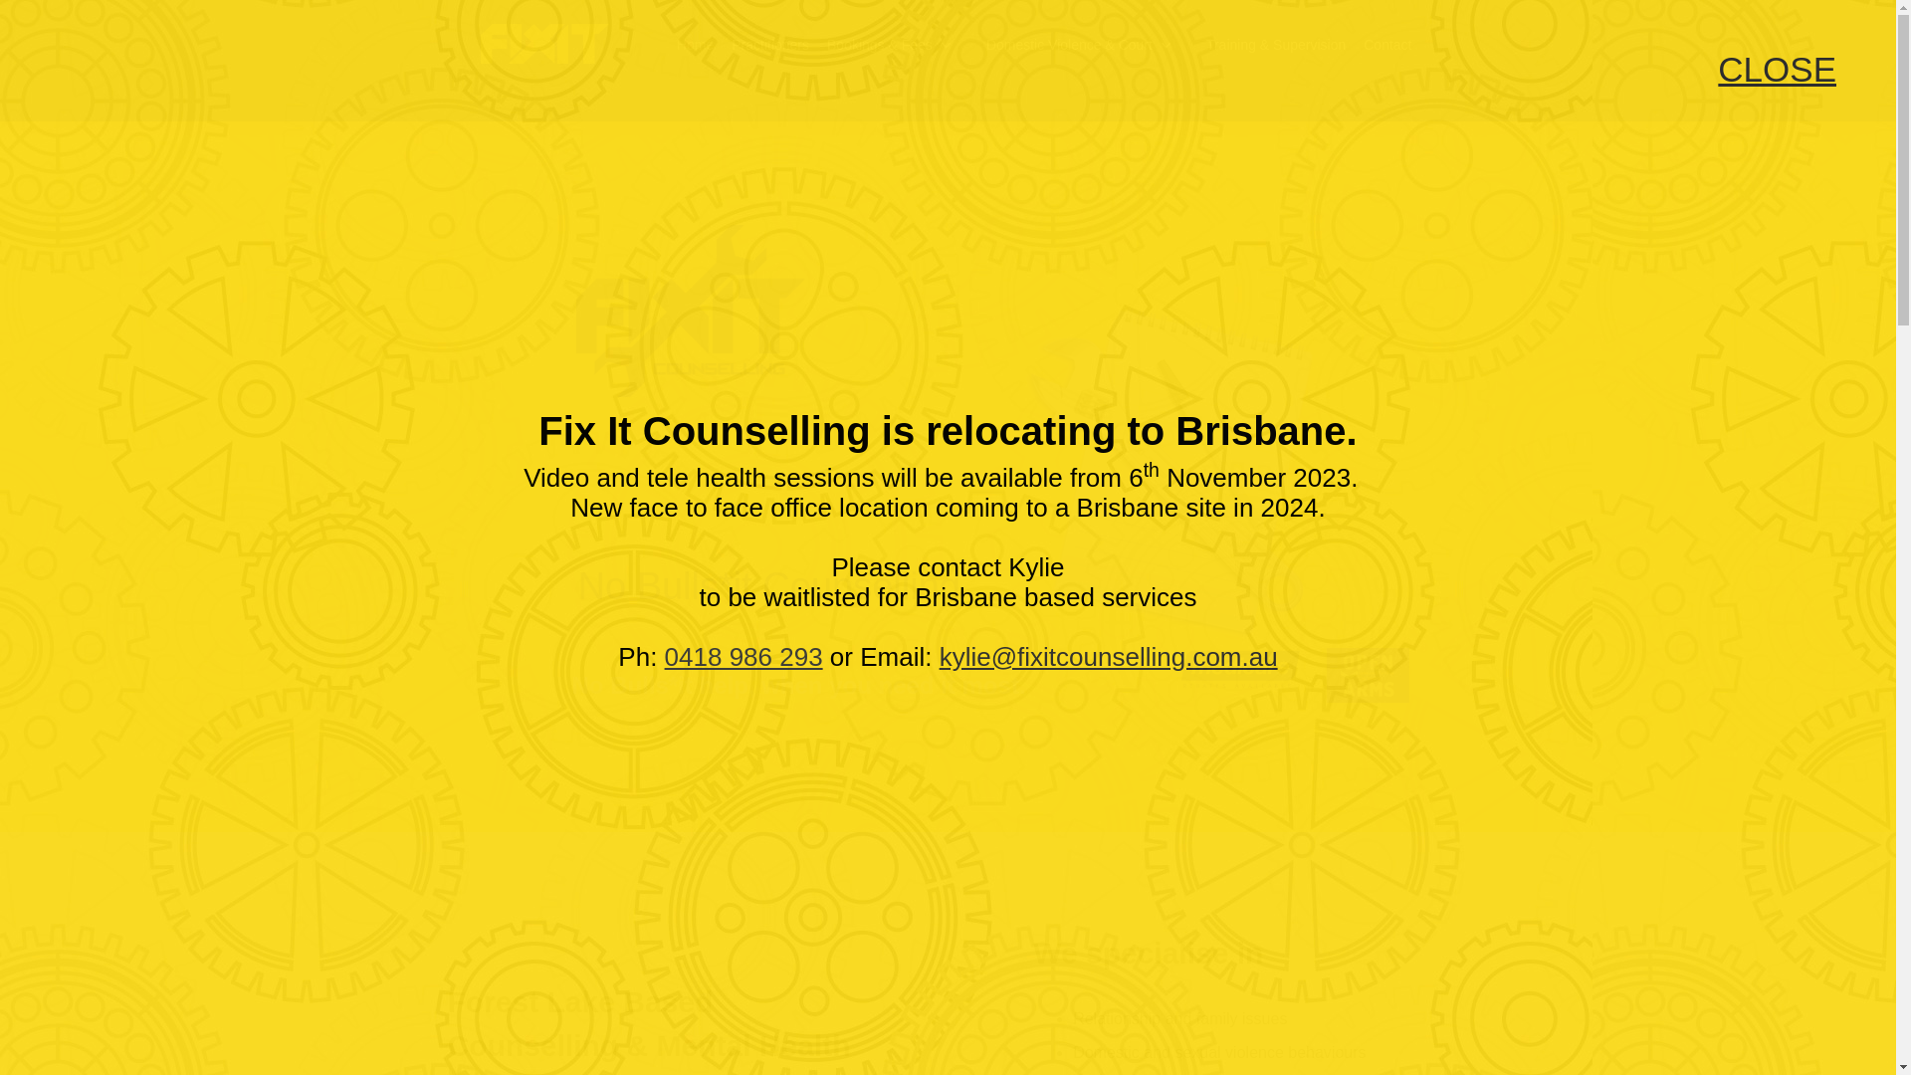 The image size is (1911, 1075). Describe the element at coordinates (743, 656) in the screenshot. I see `'0418 986 293'` at that location.